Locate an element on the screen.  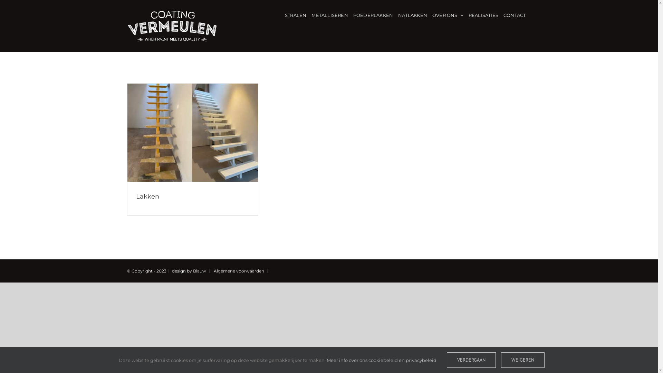
'Algemene voorwaarden' is located at coordinates (239, 270).